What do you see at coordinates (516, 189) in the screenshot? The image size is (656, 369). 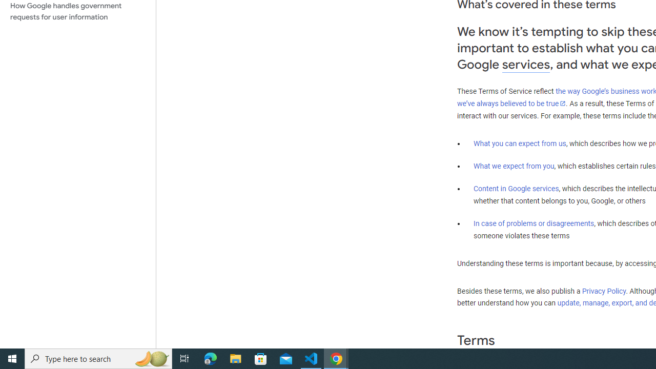 I see `'Content in Google services'` at bounding box center [516, 189].